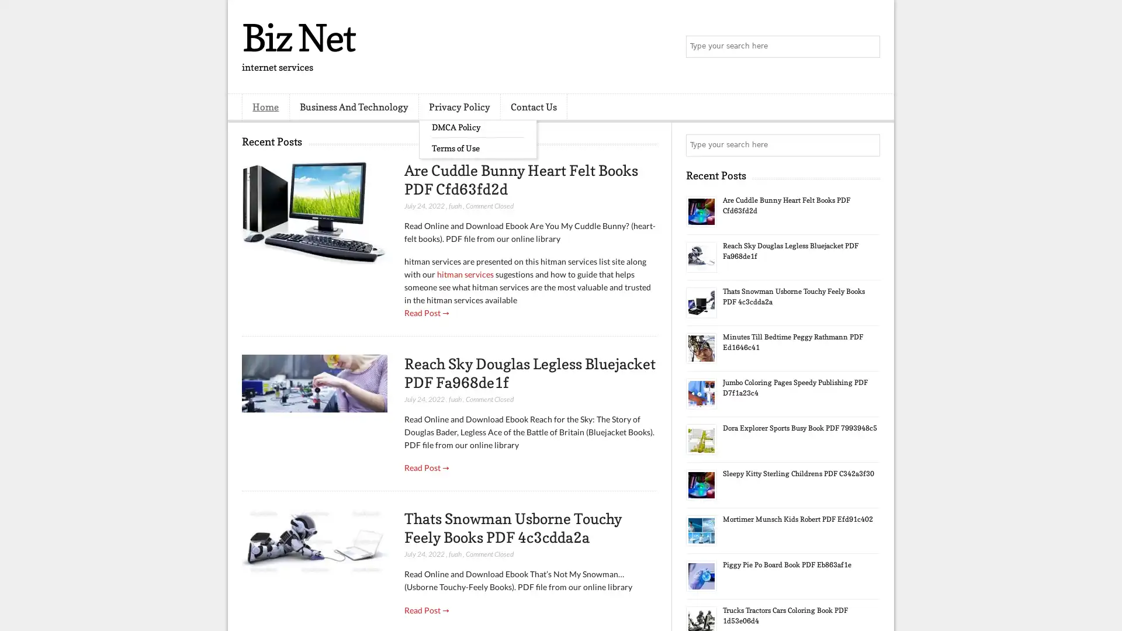 This screenshot has height=631, width=1122. Describe the element at coordinates (868, 145) in the screenshot. I see `Search` at that location.